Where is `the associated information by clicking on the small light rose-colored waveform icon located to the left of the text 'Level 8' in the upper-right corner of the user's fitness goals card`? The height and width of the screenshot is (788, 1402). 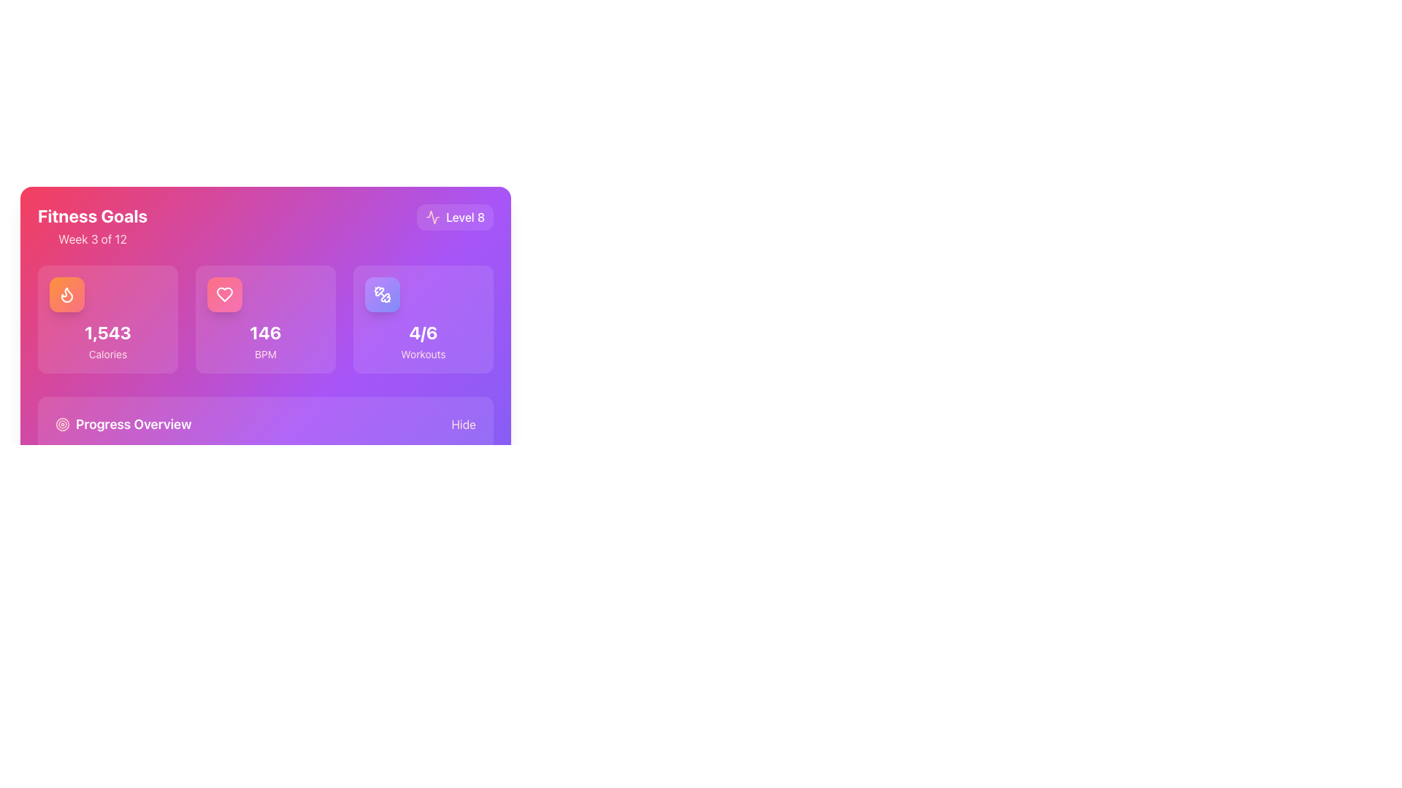
the associated information by clicking on the small light rose-colored waveform icon located to the left of the text 'Level 8' in the upper-right corner of the user's fitness goals card is located at coordinates (432, 217).